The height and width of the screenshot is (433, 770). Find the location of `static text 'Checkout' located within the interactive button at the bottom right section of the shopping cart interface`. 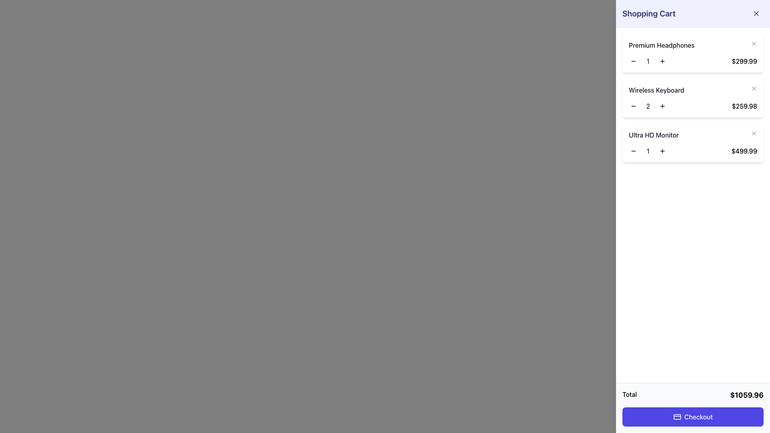

static text 'Checkout' located within the interactive button at the bottom right section of the shopping cart interface is located at coordinates (698, 417).